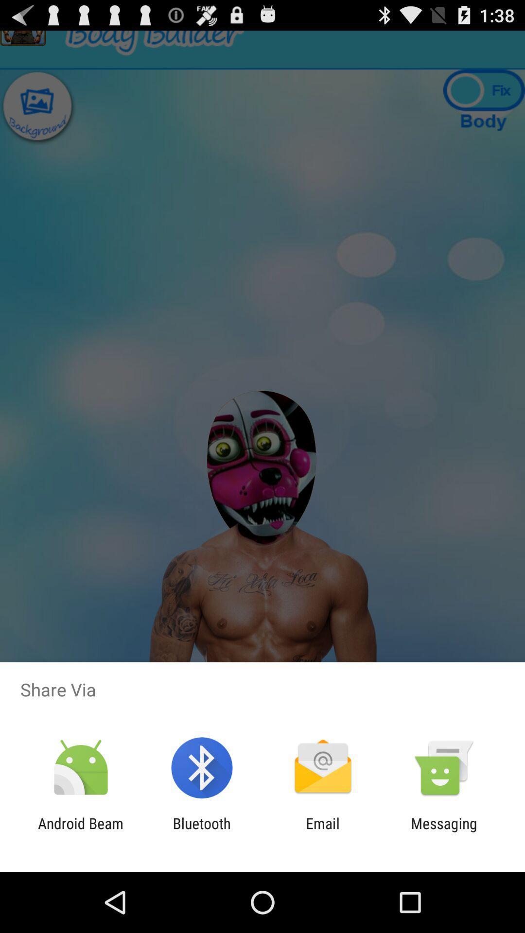  Describe the element at coordinates (201, 831) in the screenshot. I see `the item next to email app` at that location.